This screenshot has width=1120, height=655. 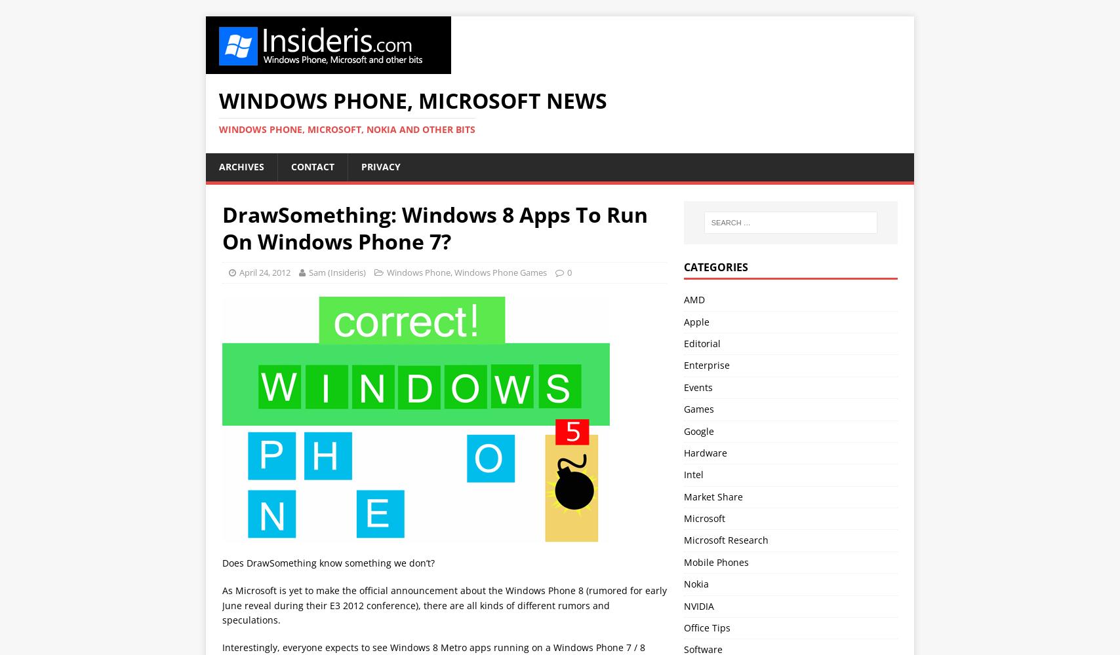 I want to click on 'Microsoft', so click(x=704, y=518).